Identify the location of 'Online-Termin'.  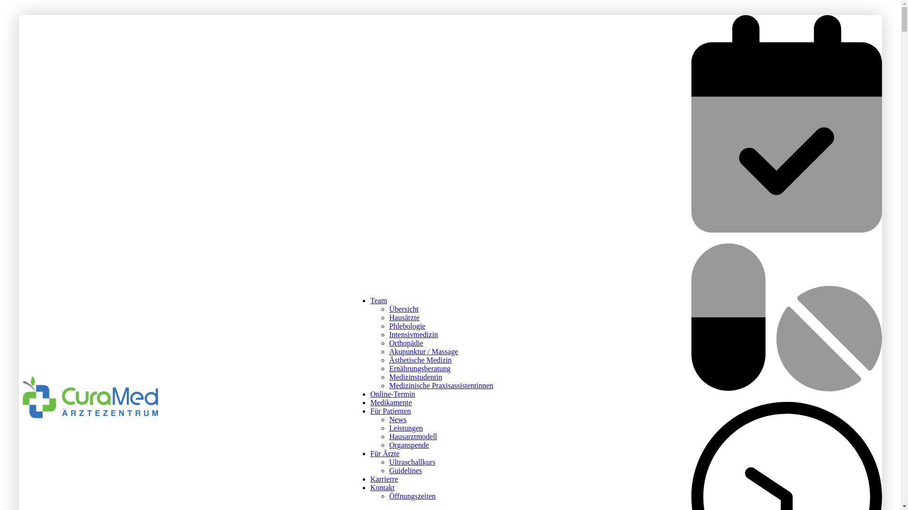
(369, 394).